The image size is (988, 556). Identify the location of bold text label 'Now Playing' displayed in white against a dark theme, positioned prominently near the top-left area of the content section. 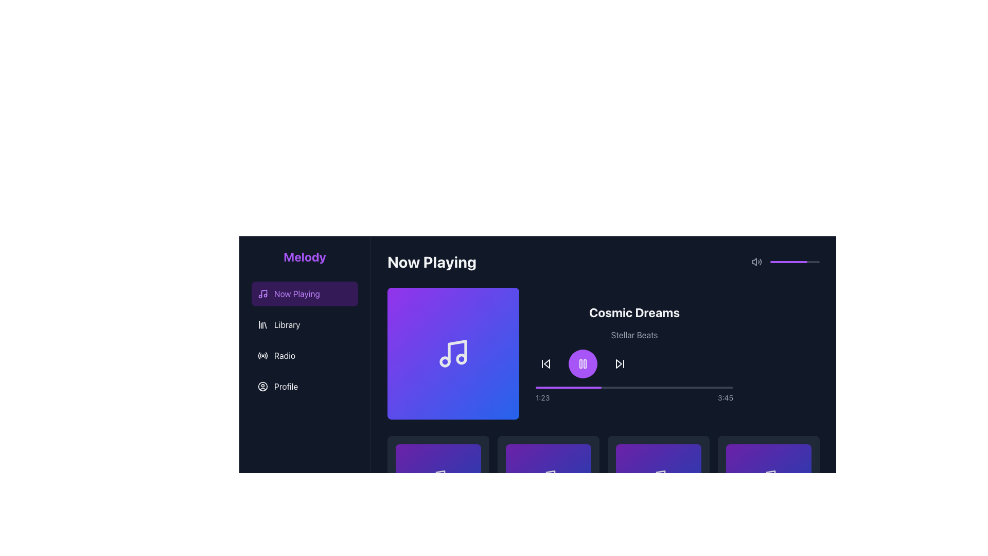
(432, 262).